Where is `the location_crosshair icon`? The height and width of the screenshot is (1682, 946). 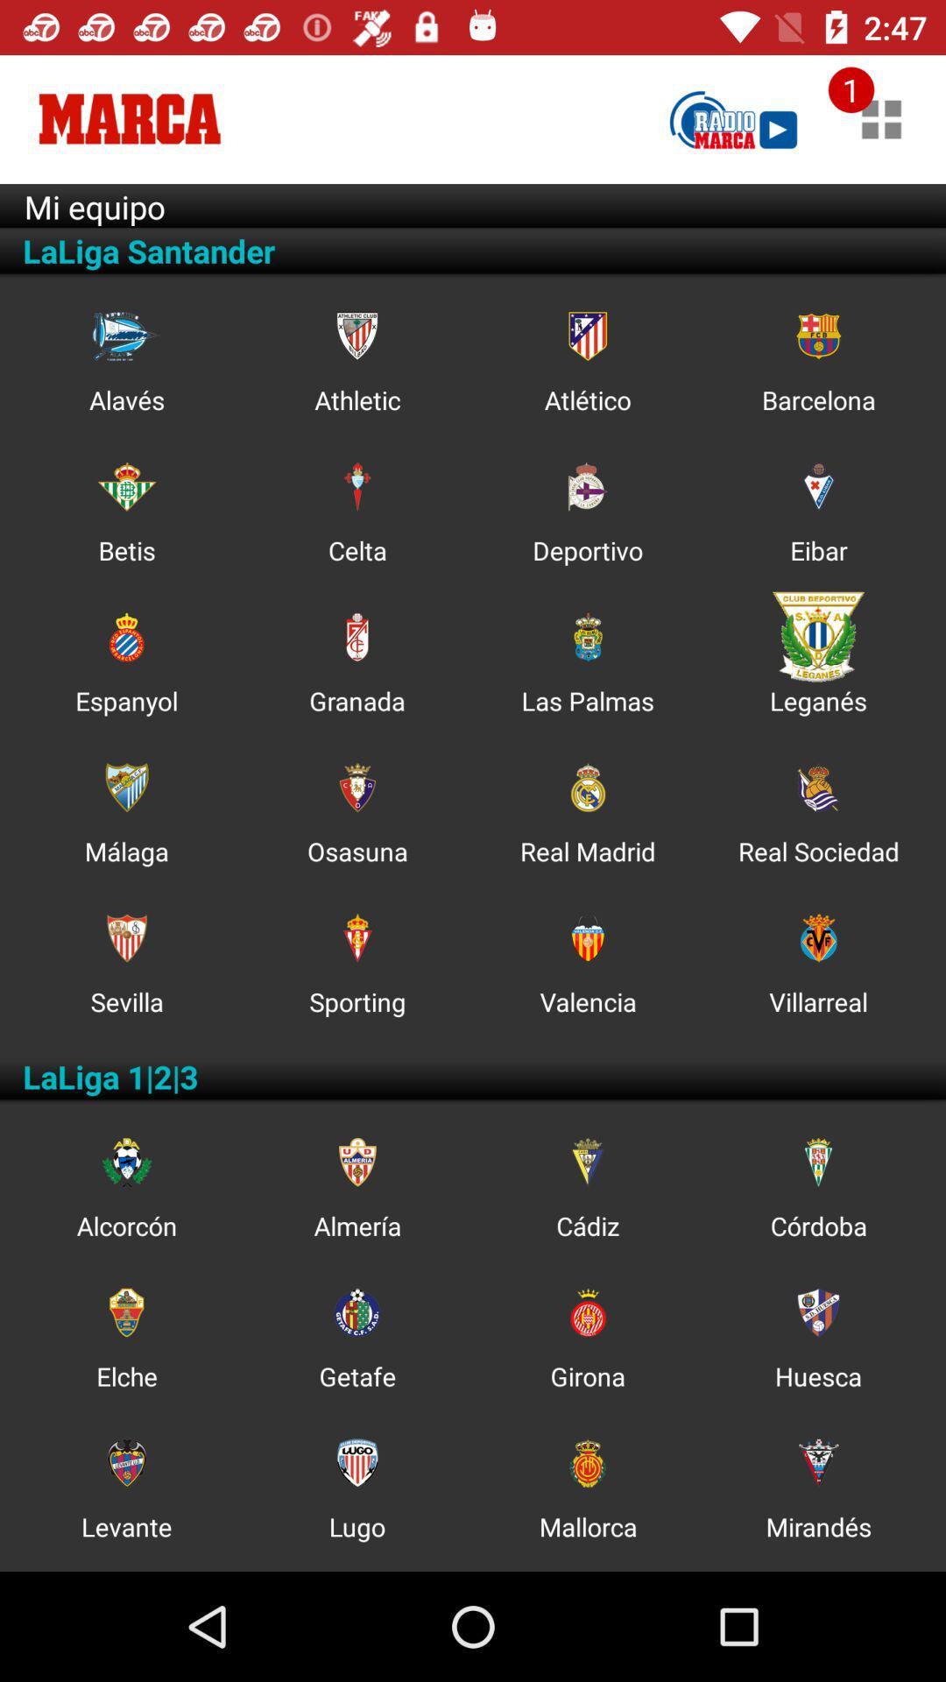 the location_crosshair icon is located at coordinates (125, 1312).